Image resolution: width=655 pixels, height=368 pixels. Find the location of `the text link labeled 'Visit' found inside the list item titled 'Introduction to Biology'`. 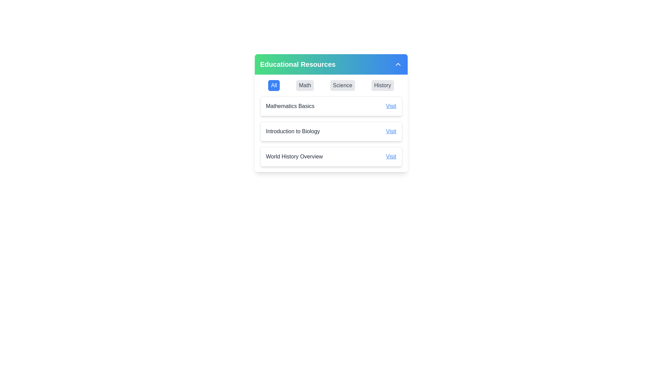

the text link labeled 'Visit' found inside the list item titled 'Introduction to Biology' is located at coordinates (391, 131).